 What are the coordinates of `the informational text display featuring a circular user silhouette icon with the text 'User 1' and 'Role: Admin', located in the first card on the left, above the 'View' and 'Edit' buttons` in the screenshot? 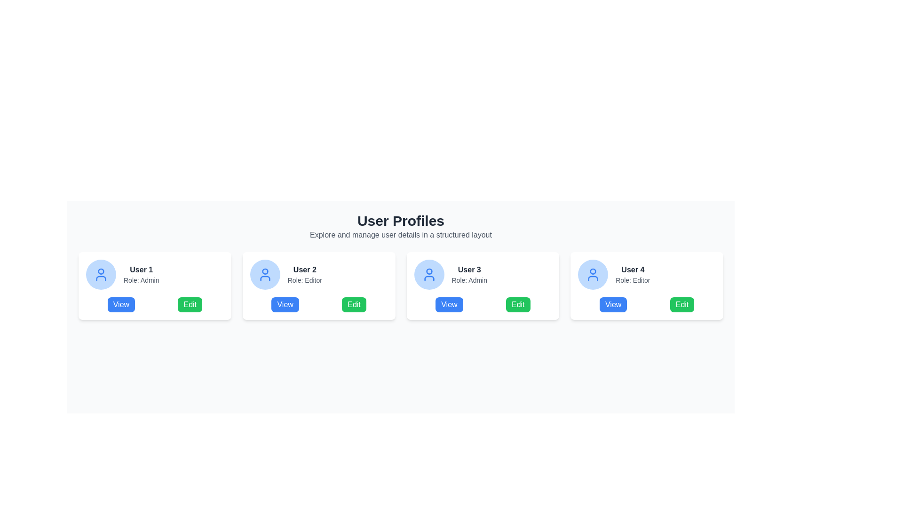 It's located at (155, 274).